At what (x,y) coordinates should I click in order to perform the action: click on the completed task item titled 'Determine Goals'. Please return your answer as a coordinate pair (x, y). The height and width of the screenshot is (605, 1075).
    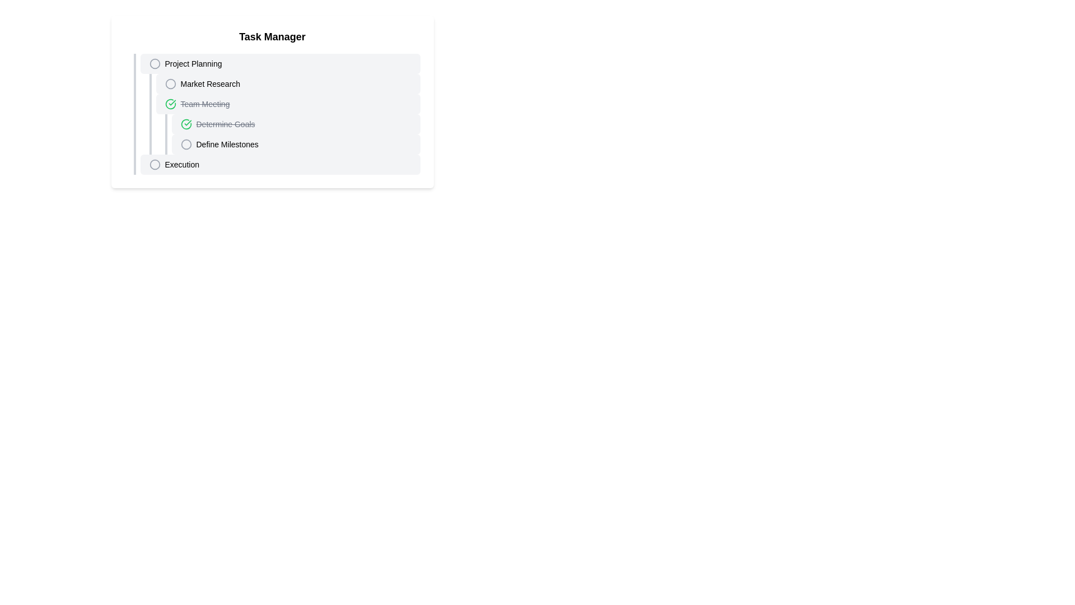
    Looking at the image, I should click on (292, 124).